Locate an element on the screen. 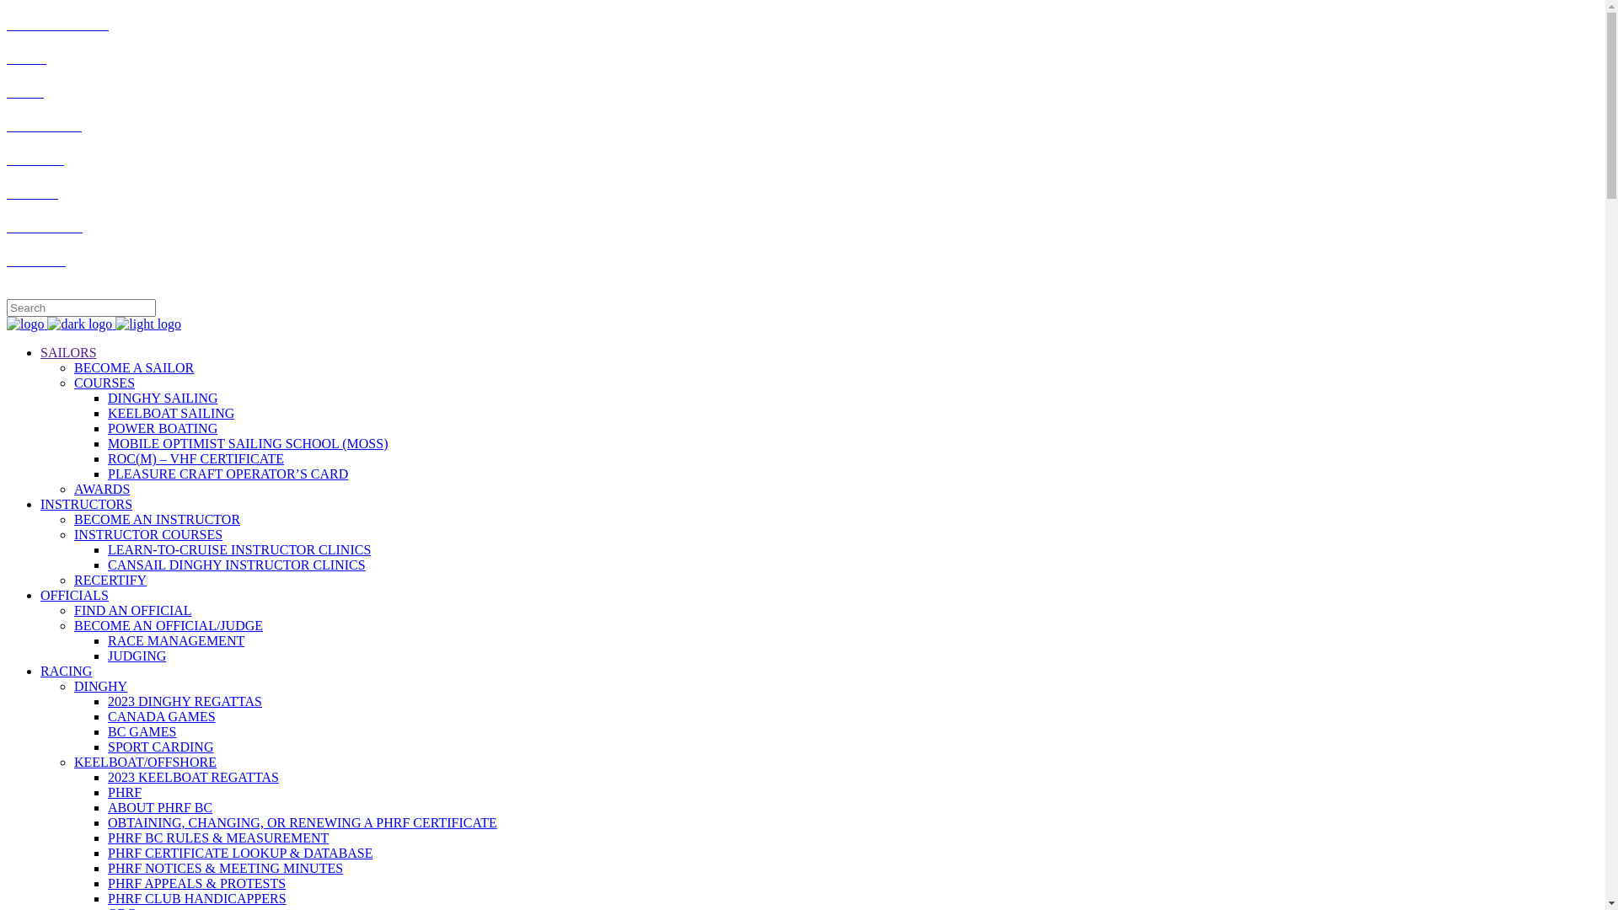  '2023 DINGHY REGATTAS' is located at coordinates (185, 701).